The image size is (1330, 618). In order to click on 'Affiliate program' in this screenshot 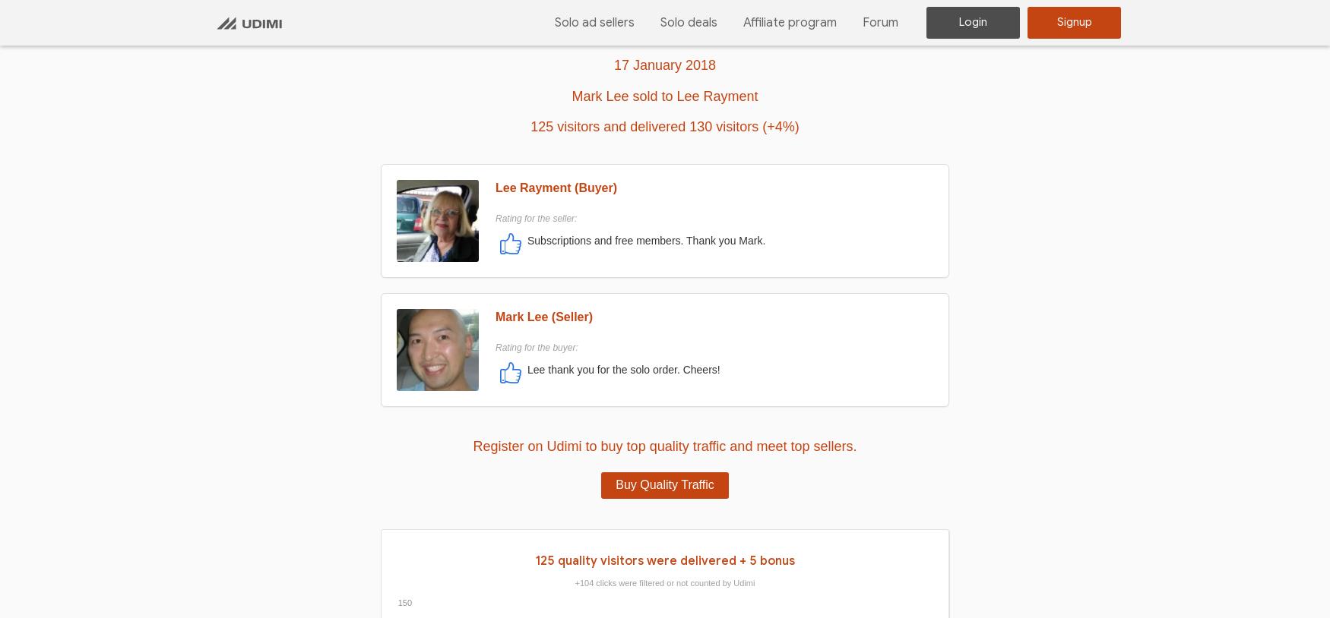, I will do `click(743, 20)`.